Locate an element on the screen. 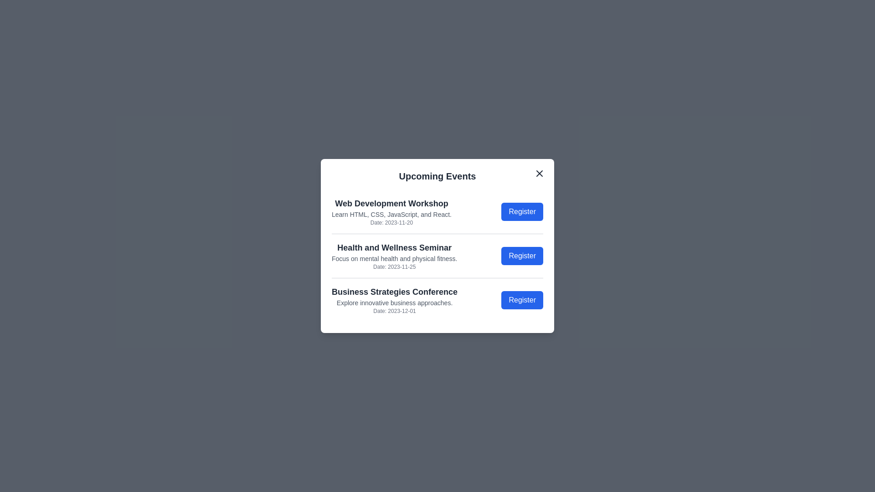 The width and height of the screenshot is (875, 492). 'Register' button for the event 'Web Development Workshop' is located at coordinates (522, 212).